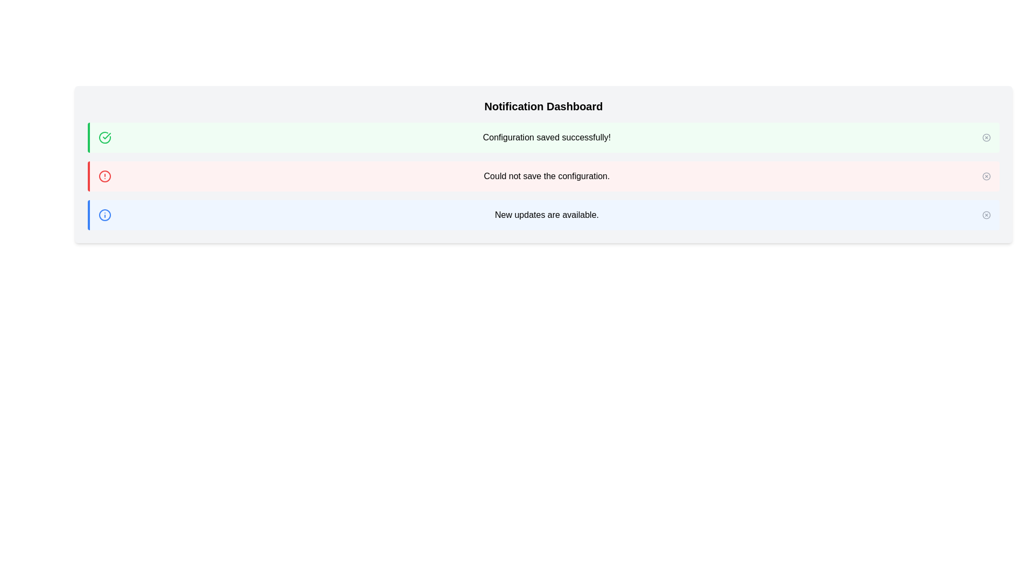 This screenshot has width=1034, height=581. I want to click on the topmost notification in the Notification Dashboard, so click(543, 137).